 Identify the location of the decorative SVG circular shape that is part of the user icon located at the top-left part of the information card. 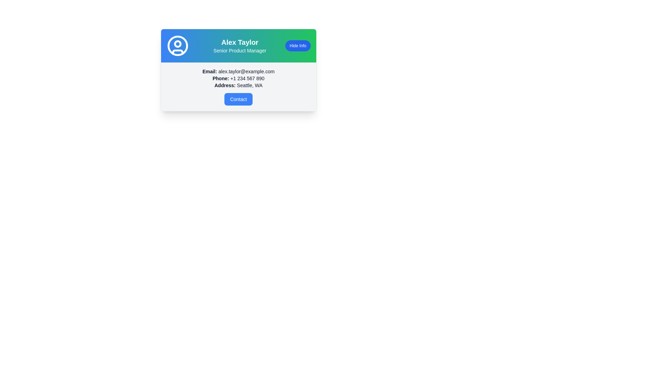
(177, 45).